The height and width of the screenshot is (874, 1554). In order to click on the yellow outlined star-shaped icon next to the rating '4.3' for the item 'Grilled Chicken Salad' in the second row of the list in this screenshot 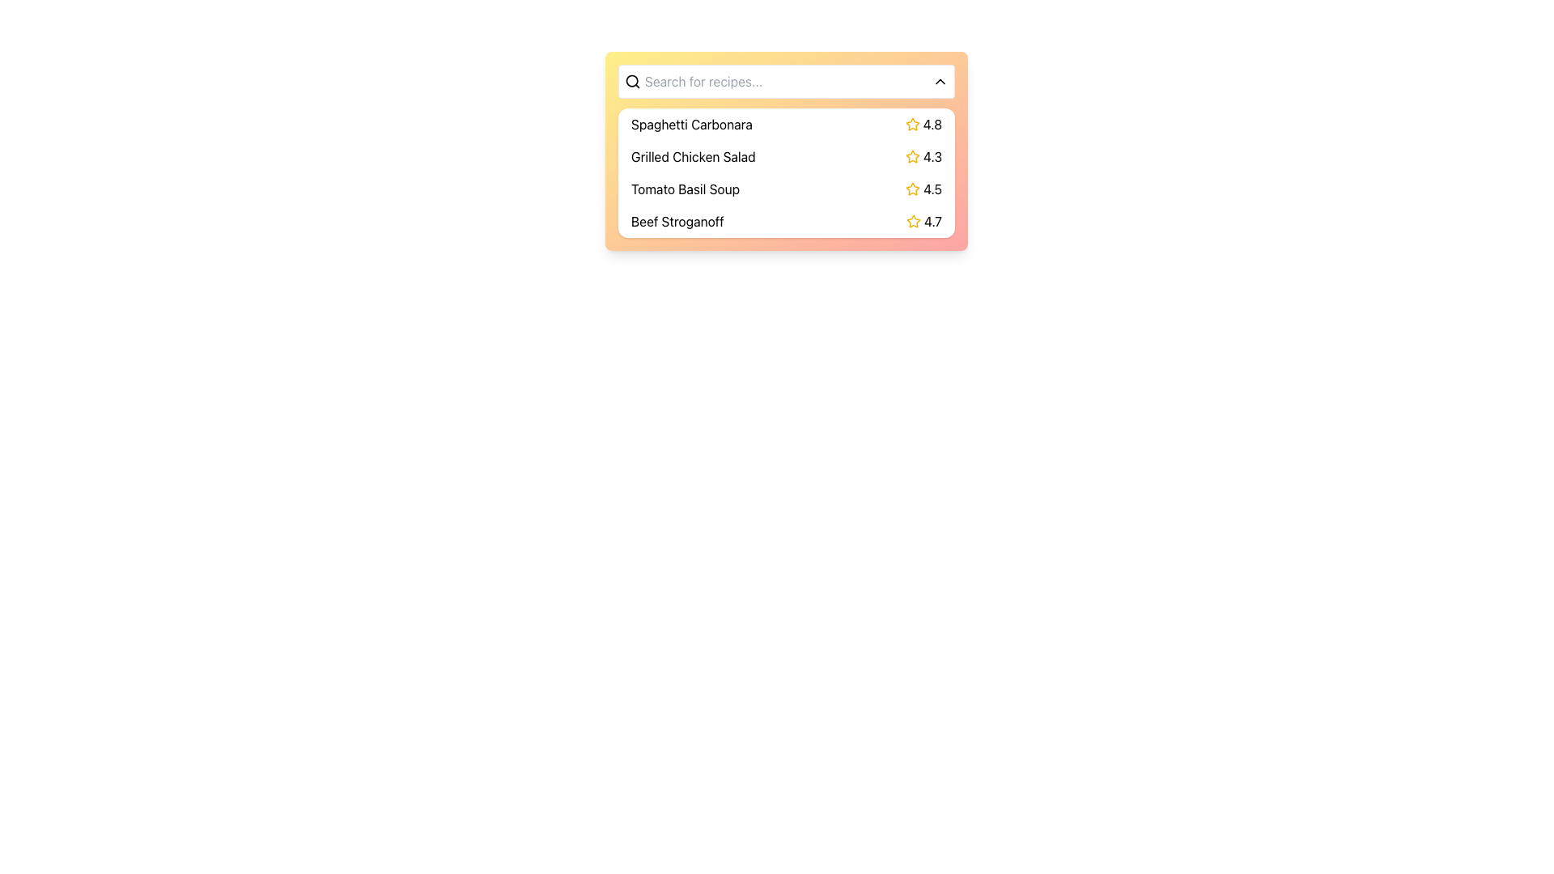, I will do `click(912, 156)`.